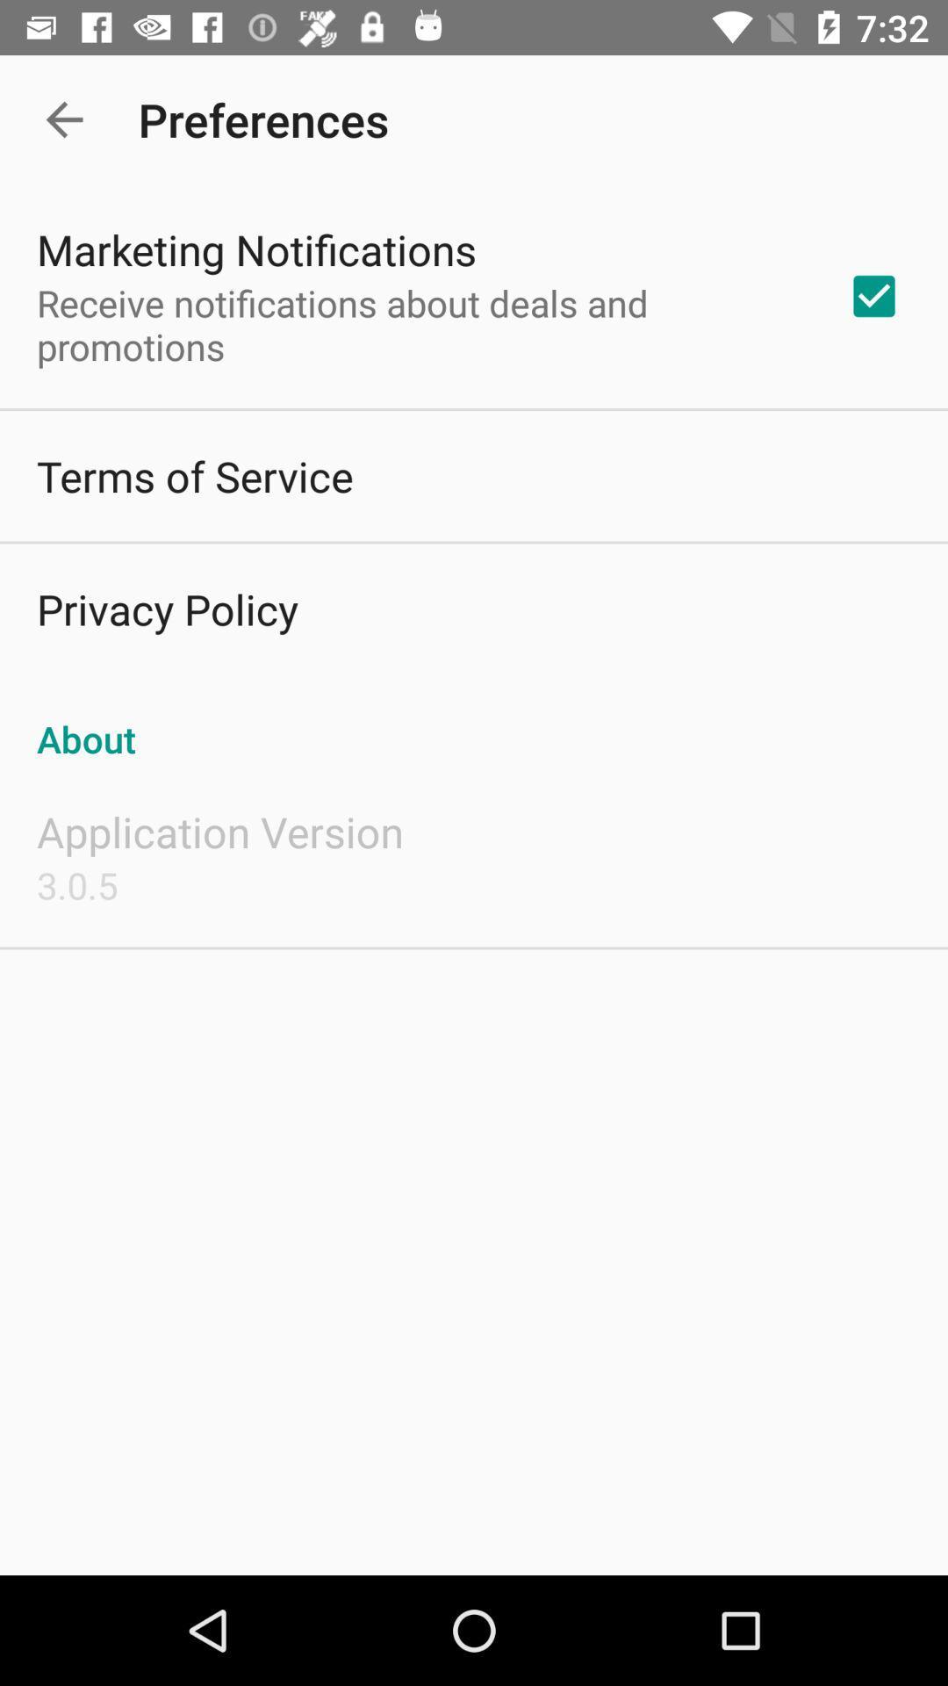  What do you see at coordinates (76, 885) in the screenshot?
I see `the item below the application version item` at bounding box center [76, 885].